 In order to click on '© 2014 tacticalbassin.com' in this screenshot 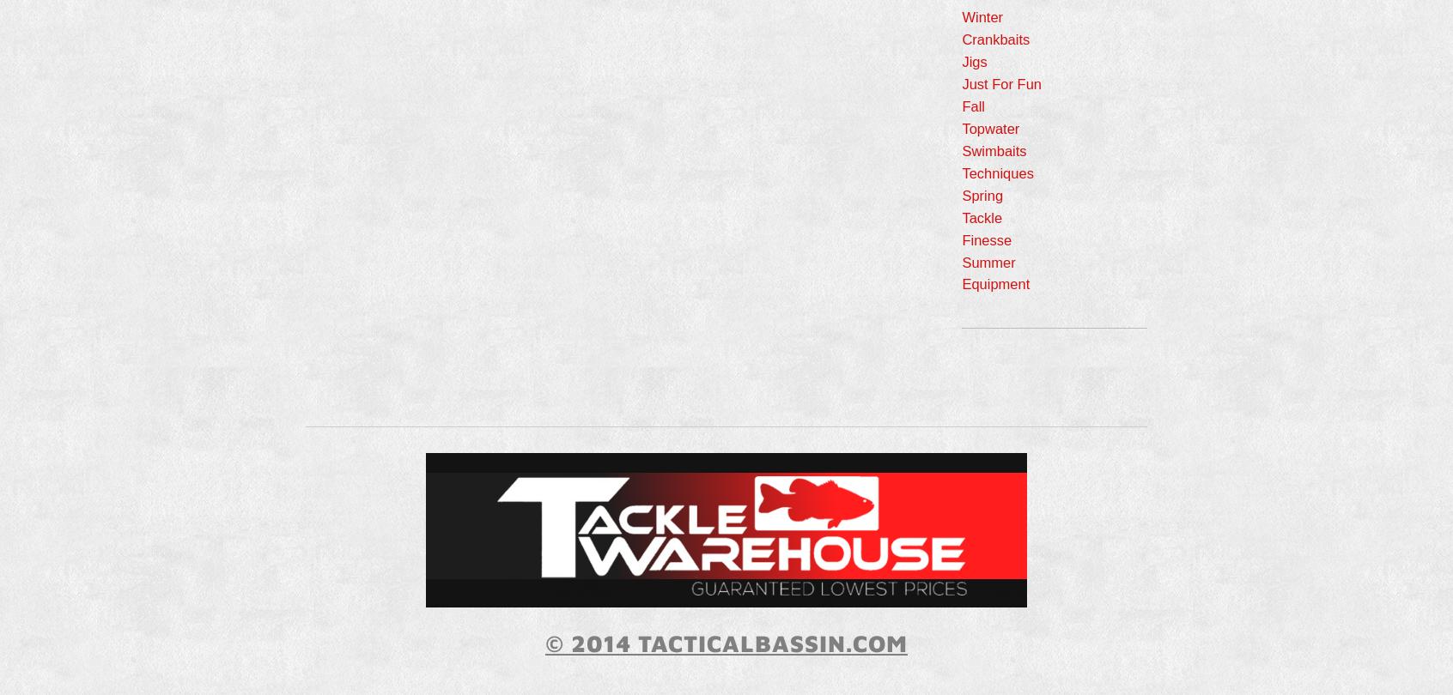, I will do `click(726, 642)`.